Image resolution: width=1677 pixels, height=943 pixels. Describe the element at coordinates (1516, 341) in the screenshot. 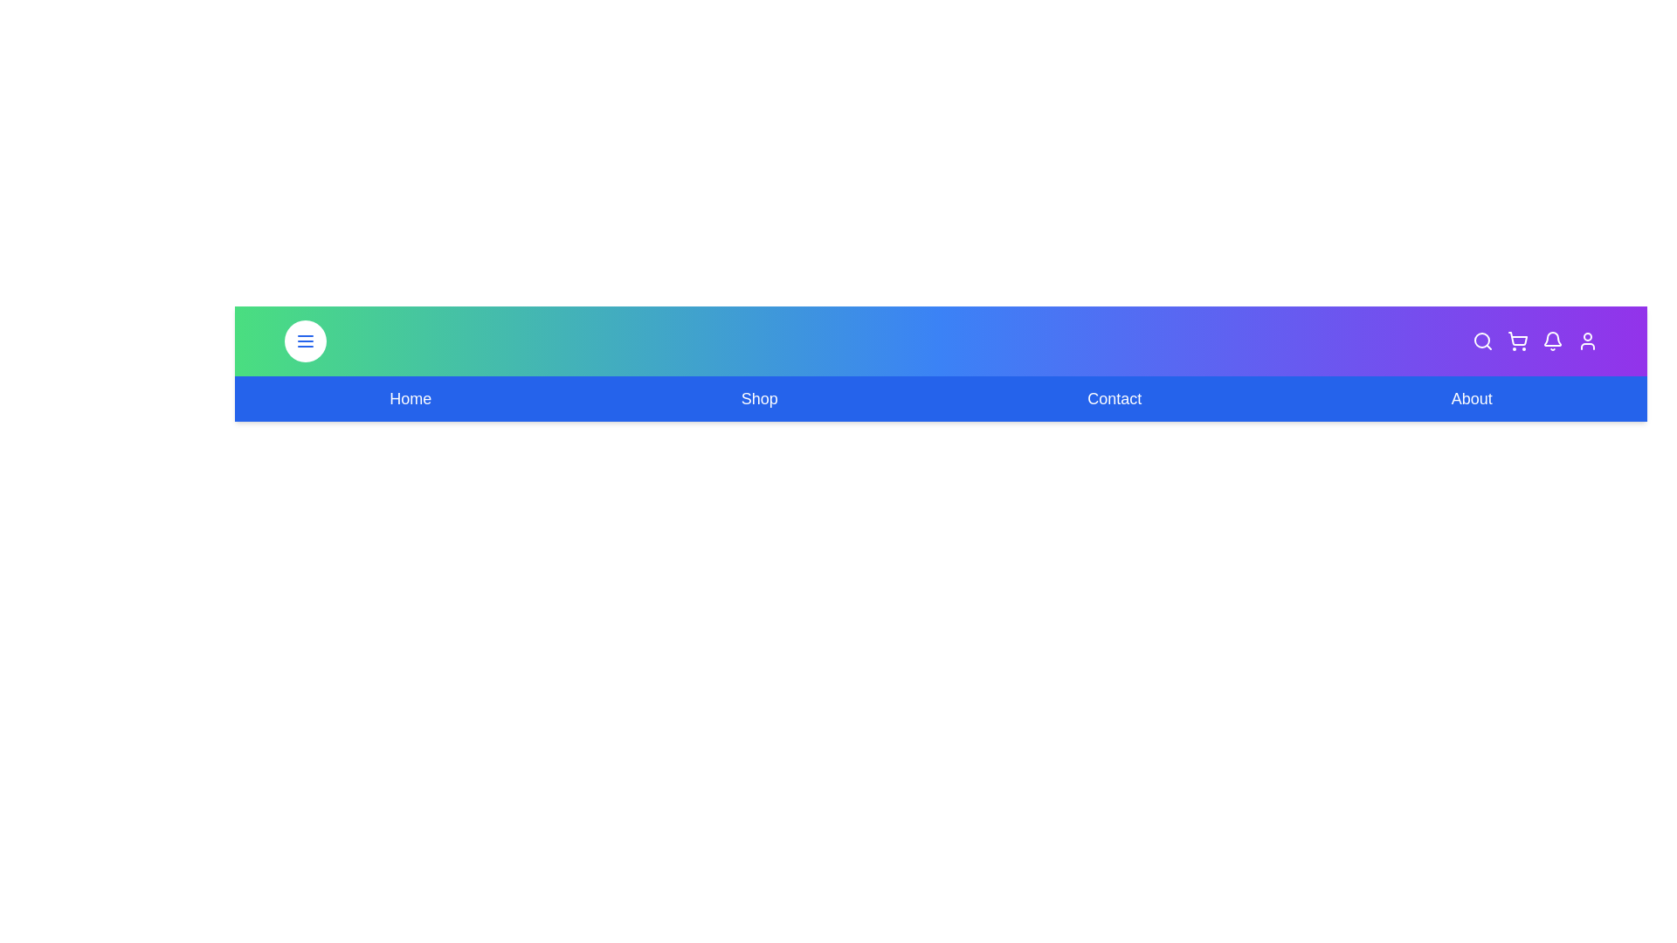

I see `the shopping_cart icon in the navigation bar` at that location.